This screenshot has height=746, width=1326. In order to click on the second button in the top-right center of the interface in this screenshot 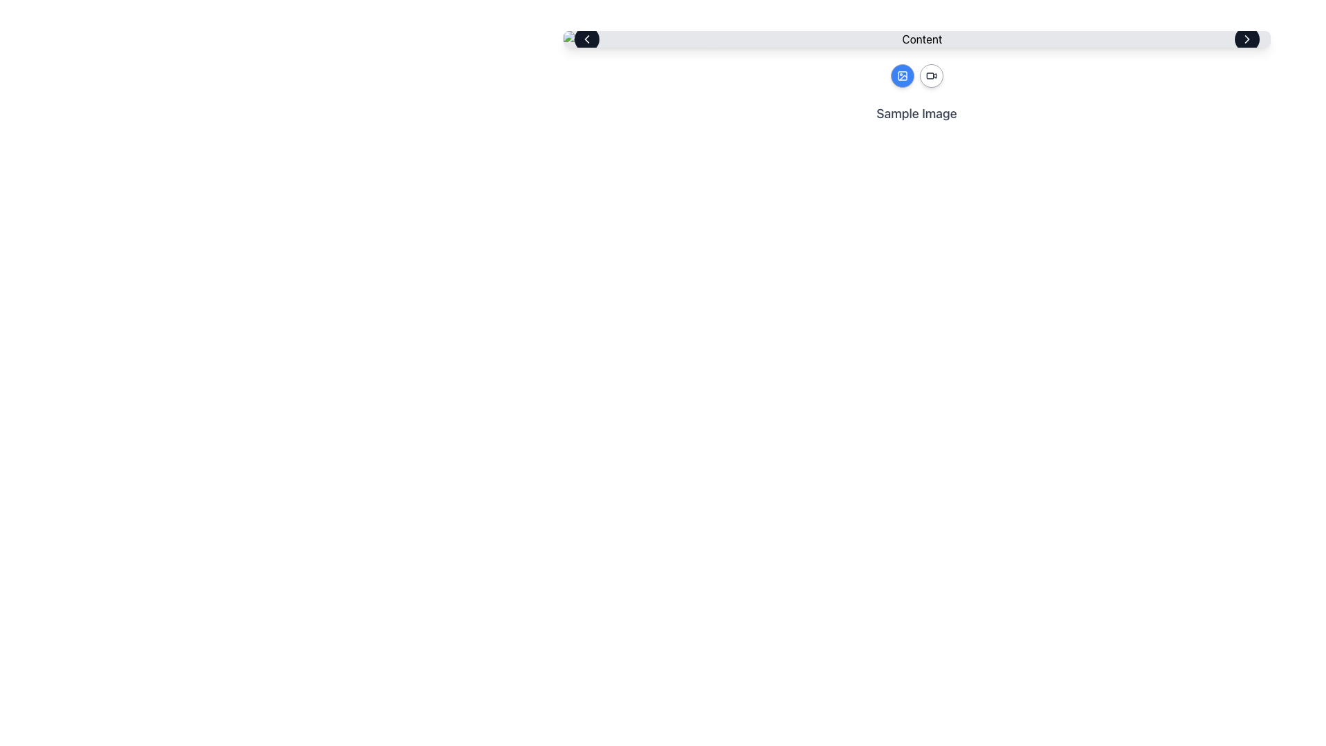, I will do `click(931, 76)`.